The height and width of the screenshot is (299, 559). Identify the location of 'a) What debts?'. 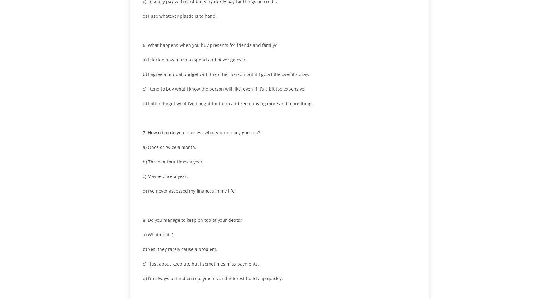
(158, 234).